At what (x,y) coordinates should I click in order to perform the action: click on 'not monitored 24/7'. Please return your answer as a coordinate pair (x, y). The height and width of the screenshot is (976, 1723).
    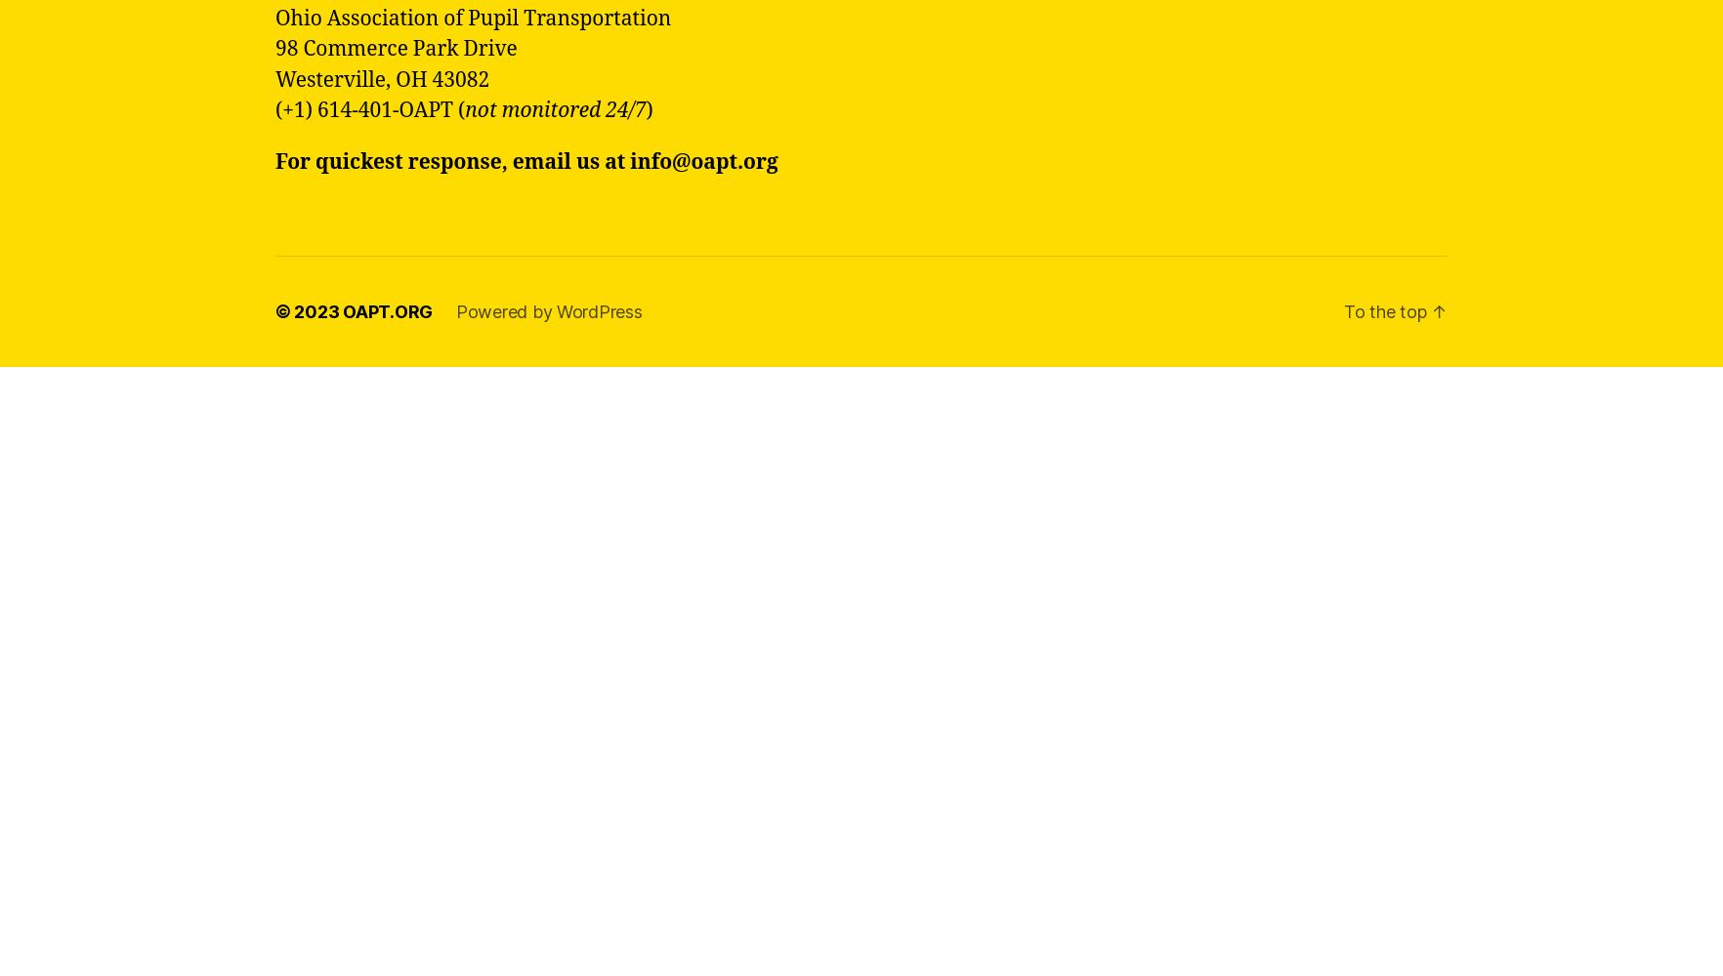
    Looking at the image, I should click on (555, 109).